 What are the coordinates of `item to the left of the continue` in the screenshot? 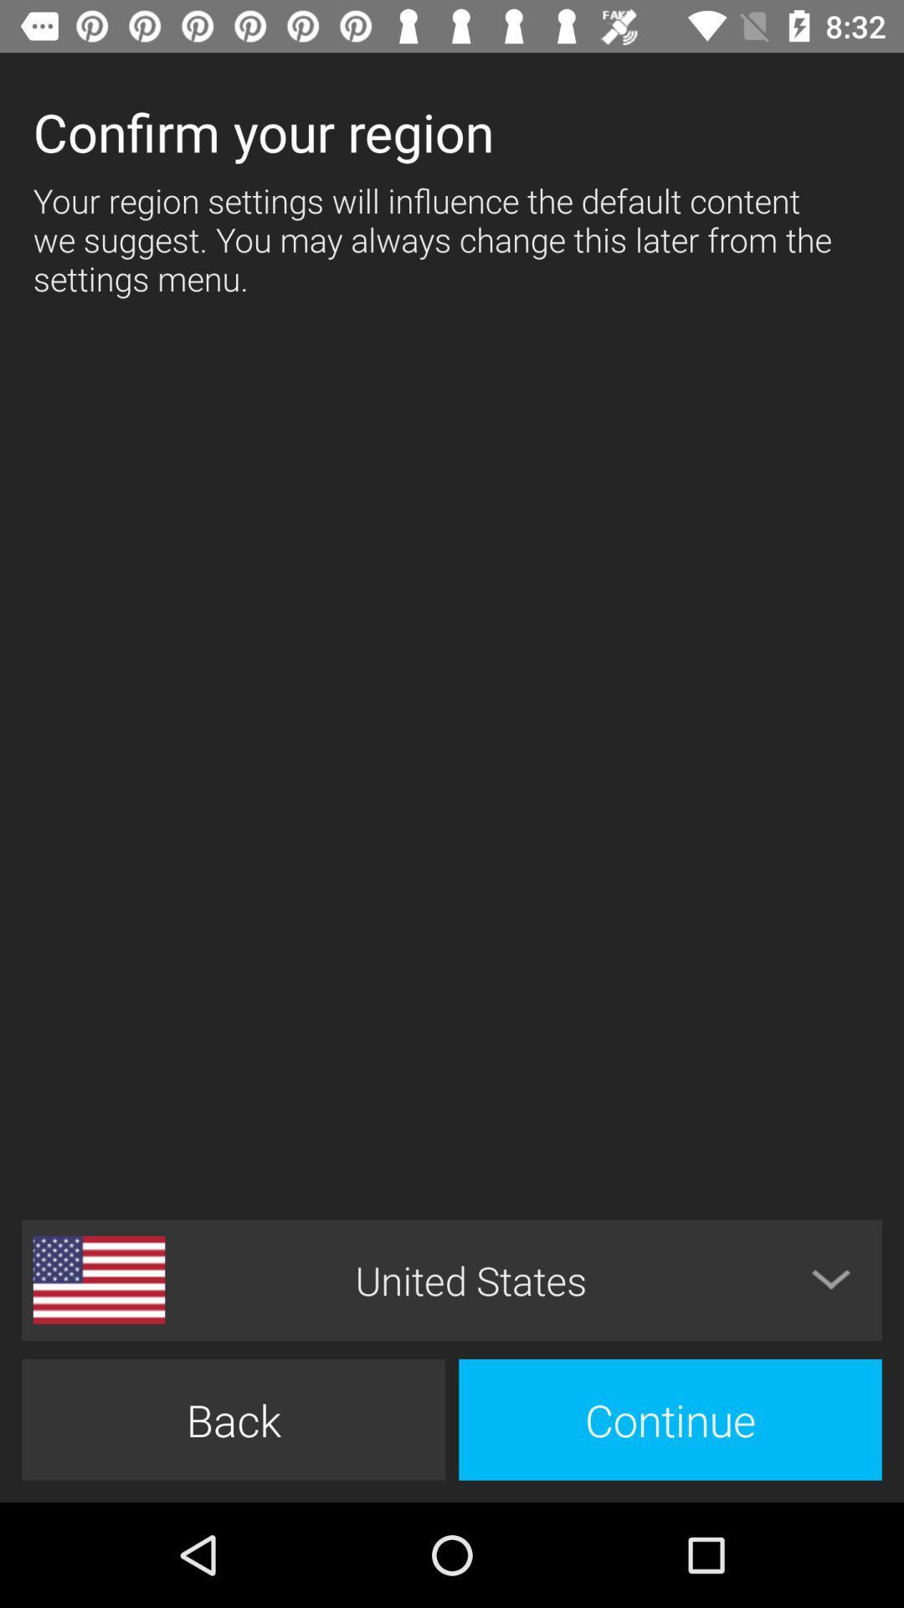 It's located at (233, 1419).